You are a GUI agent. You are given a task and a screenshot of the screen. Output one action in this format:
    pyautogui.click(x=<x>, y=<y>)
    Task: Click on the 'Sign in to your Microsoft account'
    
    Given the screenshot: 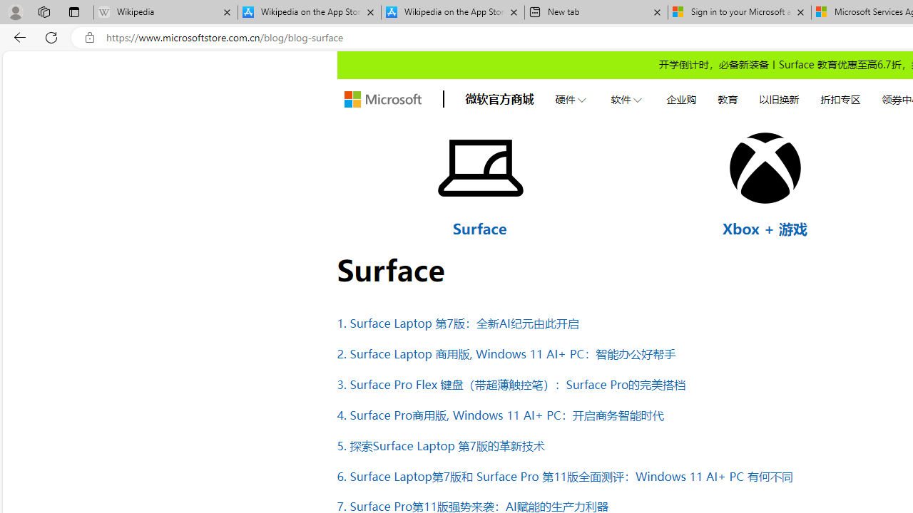 What is the action you would take?
    pyautogui.click(x=739, y=12)
    